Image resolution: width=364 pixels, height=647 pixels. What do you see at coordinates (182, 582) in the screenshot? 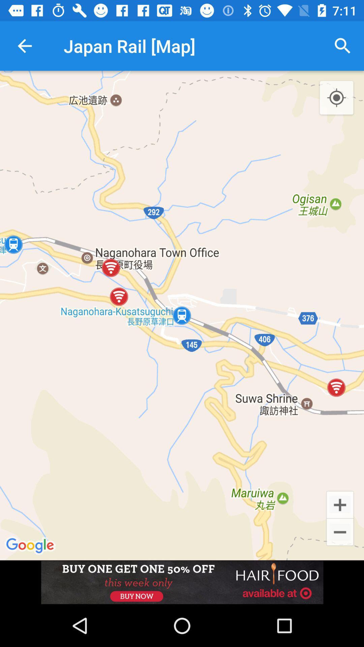
I see `advertisement` at bounding box center [182, 582].